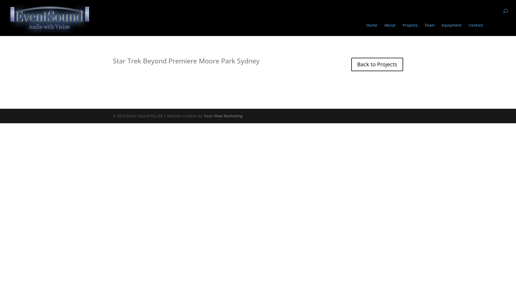 Image resolution: width=516 pixels, height=290 pixels. I want to click on 'Equipment', so click(451, 30).